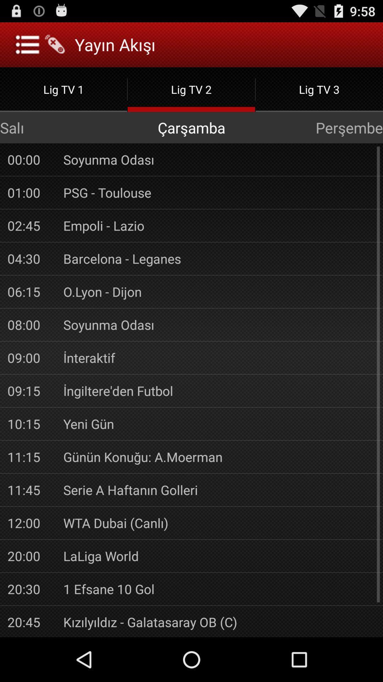  I want to click on the item below the empoli - lazio app, so click(219, 258).